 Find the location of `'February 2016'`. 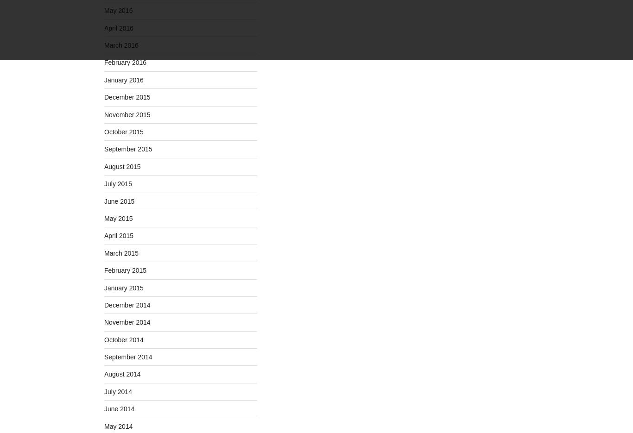

'February 2016' is located at coordinates (125, 63).